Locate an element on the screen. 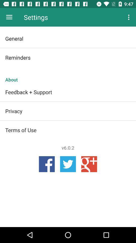 The width and height of the screenshot is (136, 243). app next to the settings app is located at coordinates (129, 17).